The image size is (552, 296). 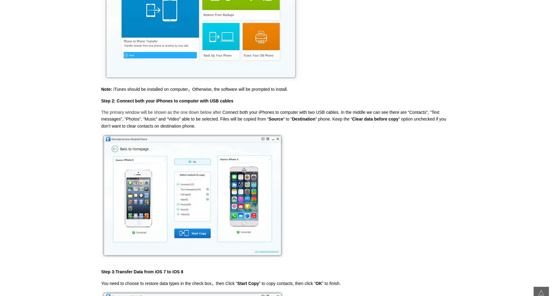 What do you see at coordinates (375, 119) in the screenshot?
I see `'Clear data before copy'` at bounding box center [375, 119].